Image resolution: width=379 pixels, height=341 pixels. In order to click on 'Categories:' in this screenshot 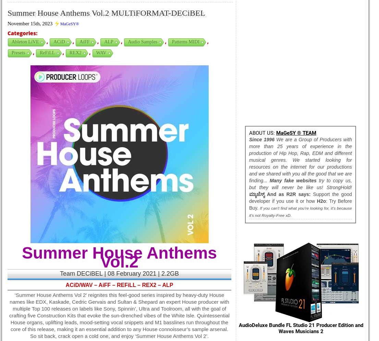, I will do `click(22, 33)`.